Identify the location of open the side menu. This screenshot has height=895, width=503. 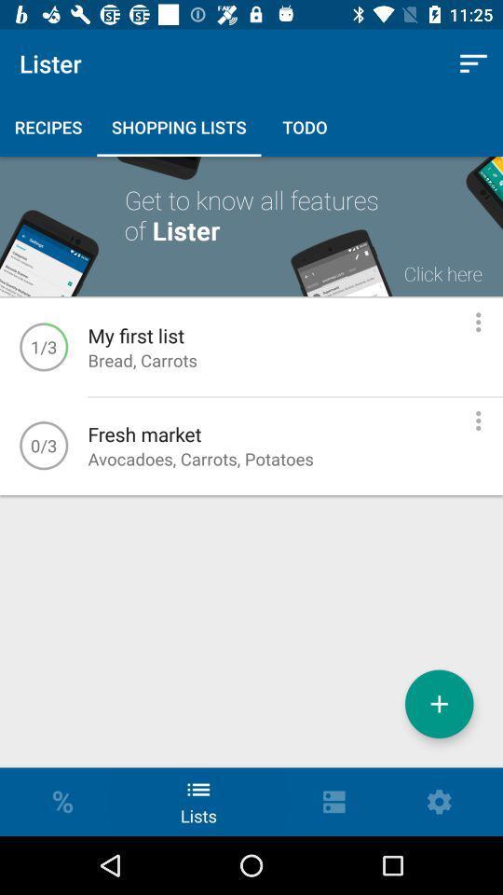
(478, 420).